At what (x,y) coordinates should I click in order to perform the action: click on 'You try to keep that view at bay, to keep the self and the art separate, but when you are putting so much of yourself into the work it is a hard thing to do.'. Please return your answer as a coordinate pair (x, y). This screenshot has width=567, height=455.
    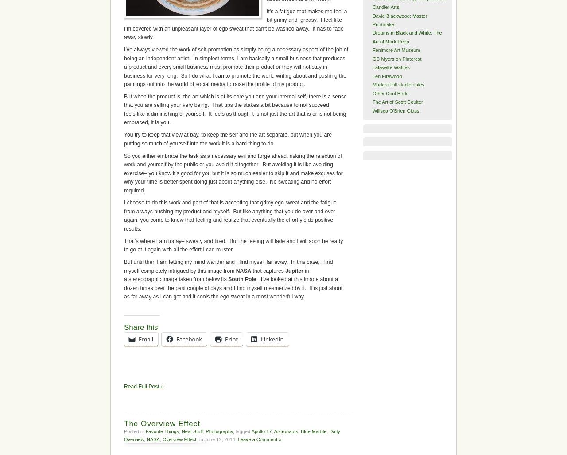
    Looking at the image, I should click on (228, 139).